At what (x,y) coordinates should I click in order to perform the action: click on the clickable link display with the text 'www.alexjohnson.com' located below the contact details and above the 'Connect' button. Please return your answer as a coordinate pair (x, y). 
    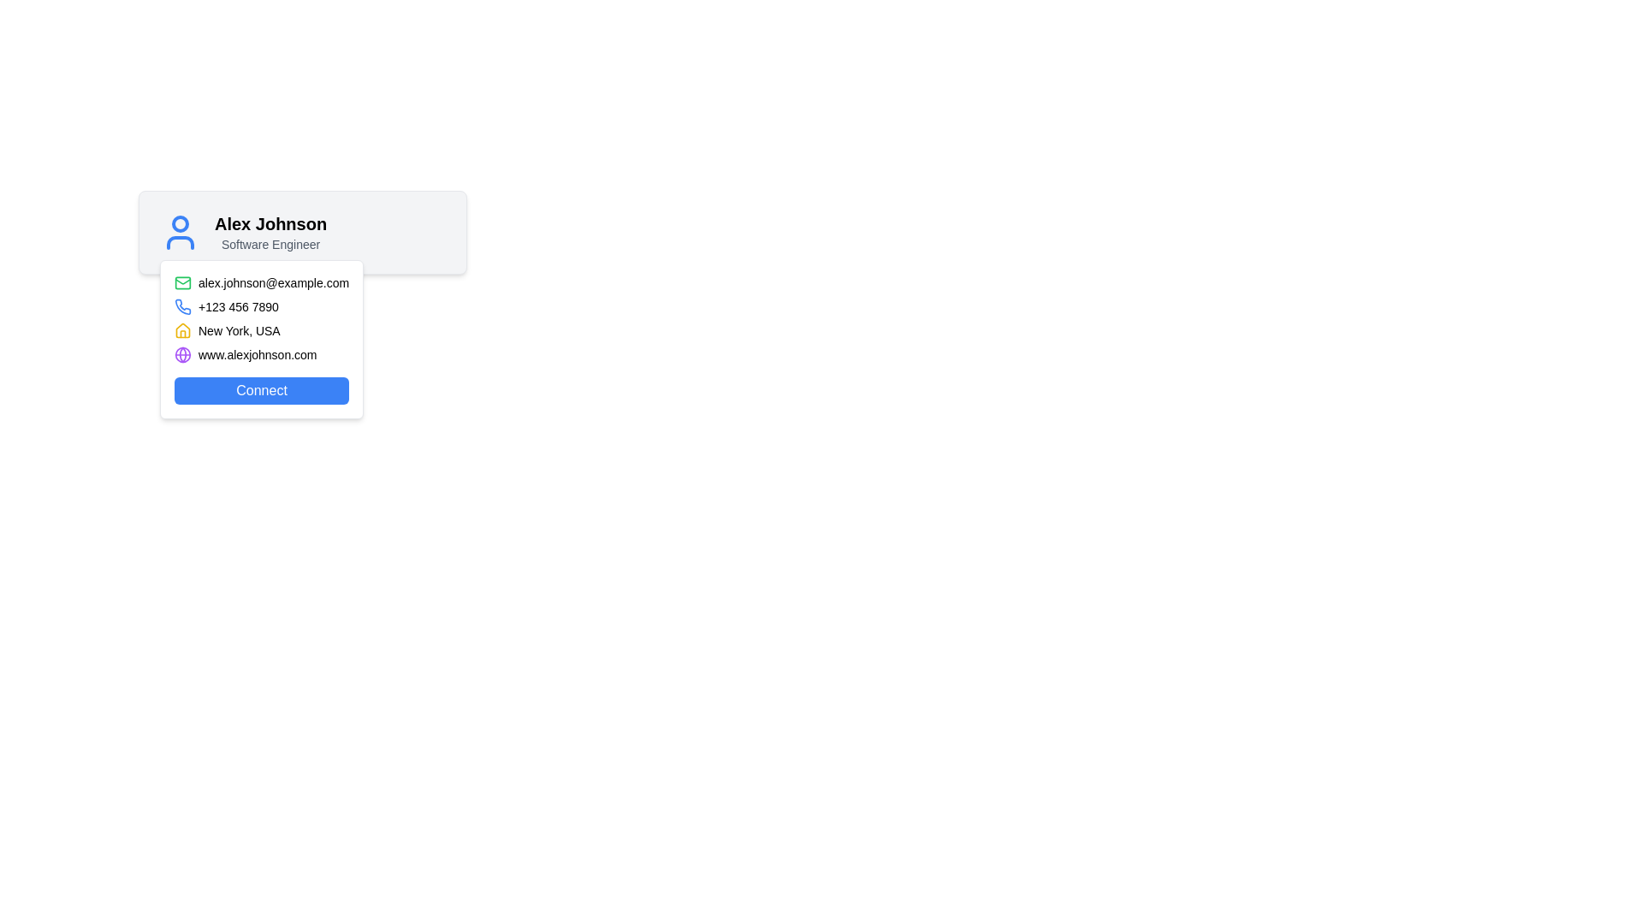
    Looking at the image, I should click on (261, 354).